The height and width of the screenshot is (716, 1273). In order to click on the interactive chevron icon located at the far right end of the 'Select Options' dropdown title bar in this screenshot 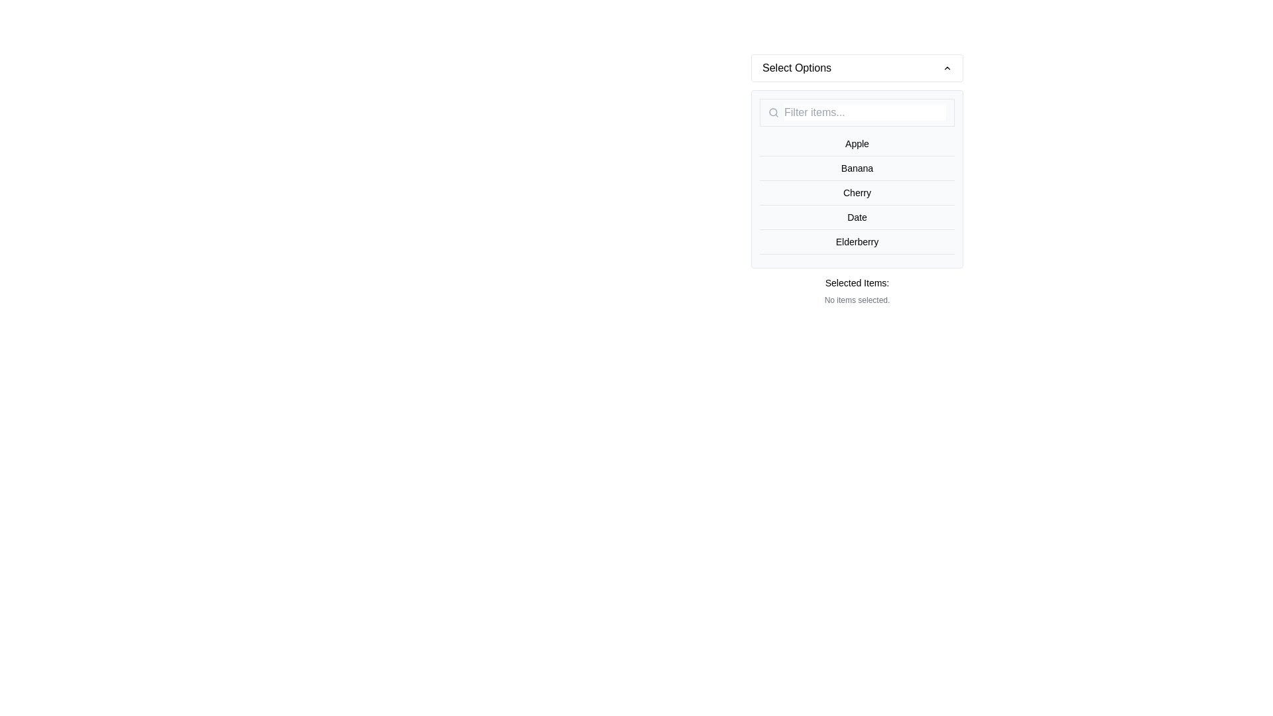, I will do `click(947, 68)`.